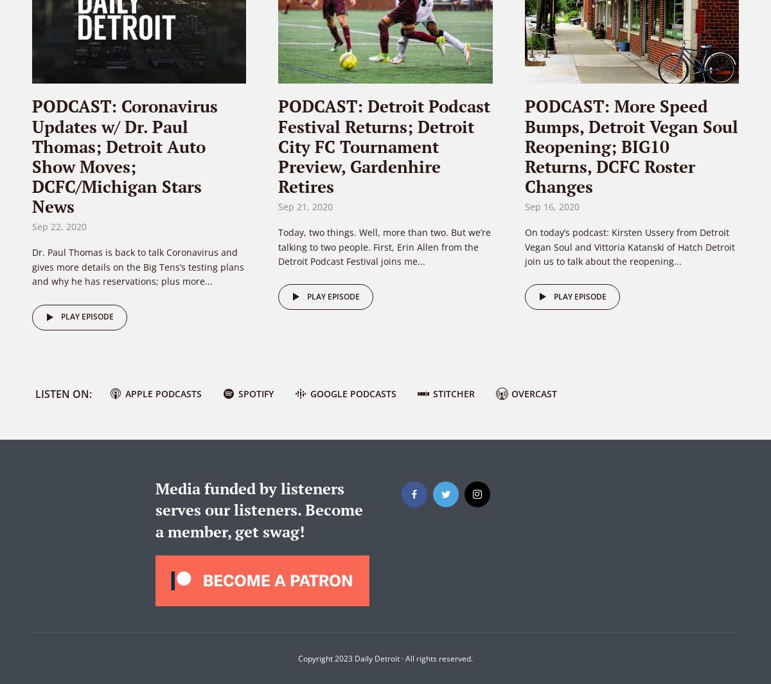 This screenshot has width=771, height=684. I want to click on 'On today’s podcast: Kirsten Ussery from Detroit Vegan Soul and Vittoria Katanski of Hatch Detroit join us to talk about the reopening...', so click(629, 246).